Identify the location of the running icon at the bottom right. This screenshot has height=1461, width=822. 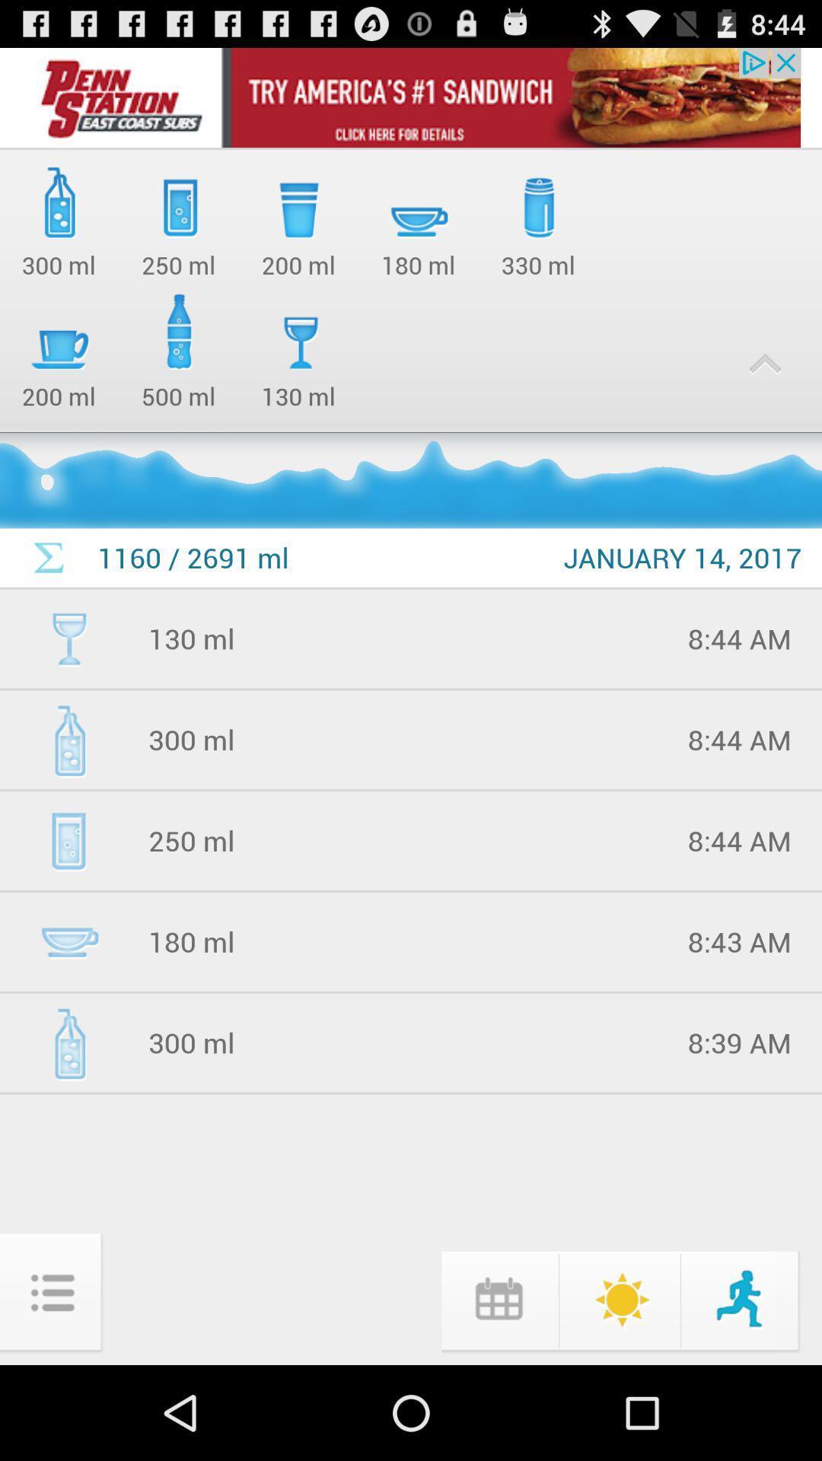
(741, 1298).